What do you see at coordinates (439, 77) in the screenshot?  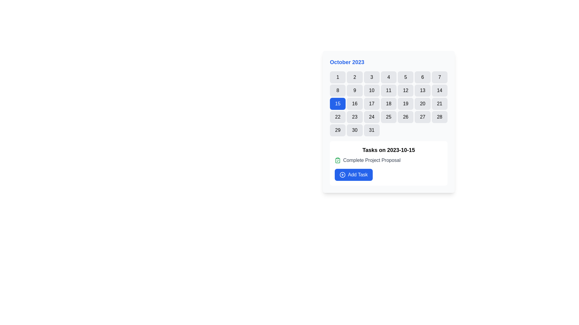 I see `the button displaying the number '7' in black text, which is the seventh item in the first row of a grid for selecting days of the month` at bounding box center [439, 77].